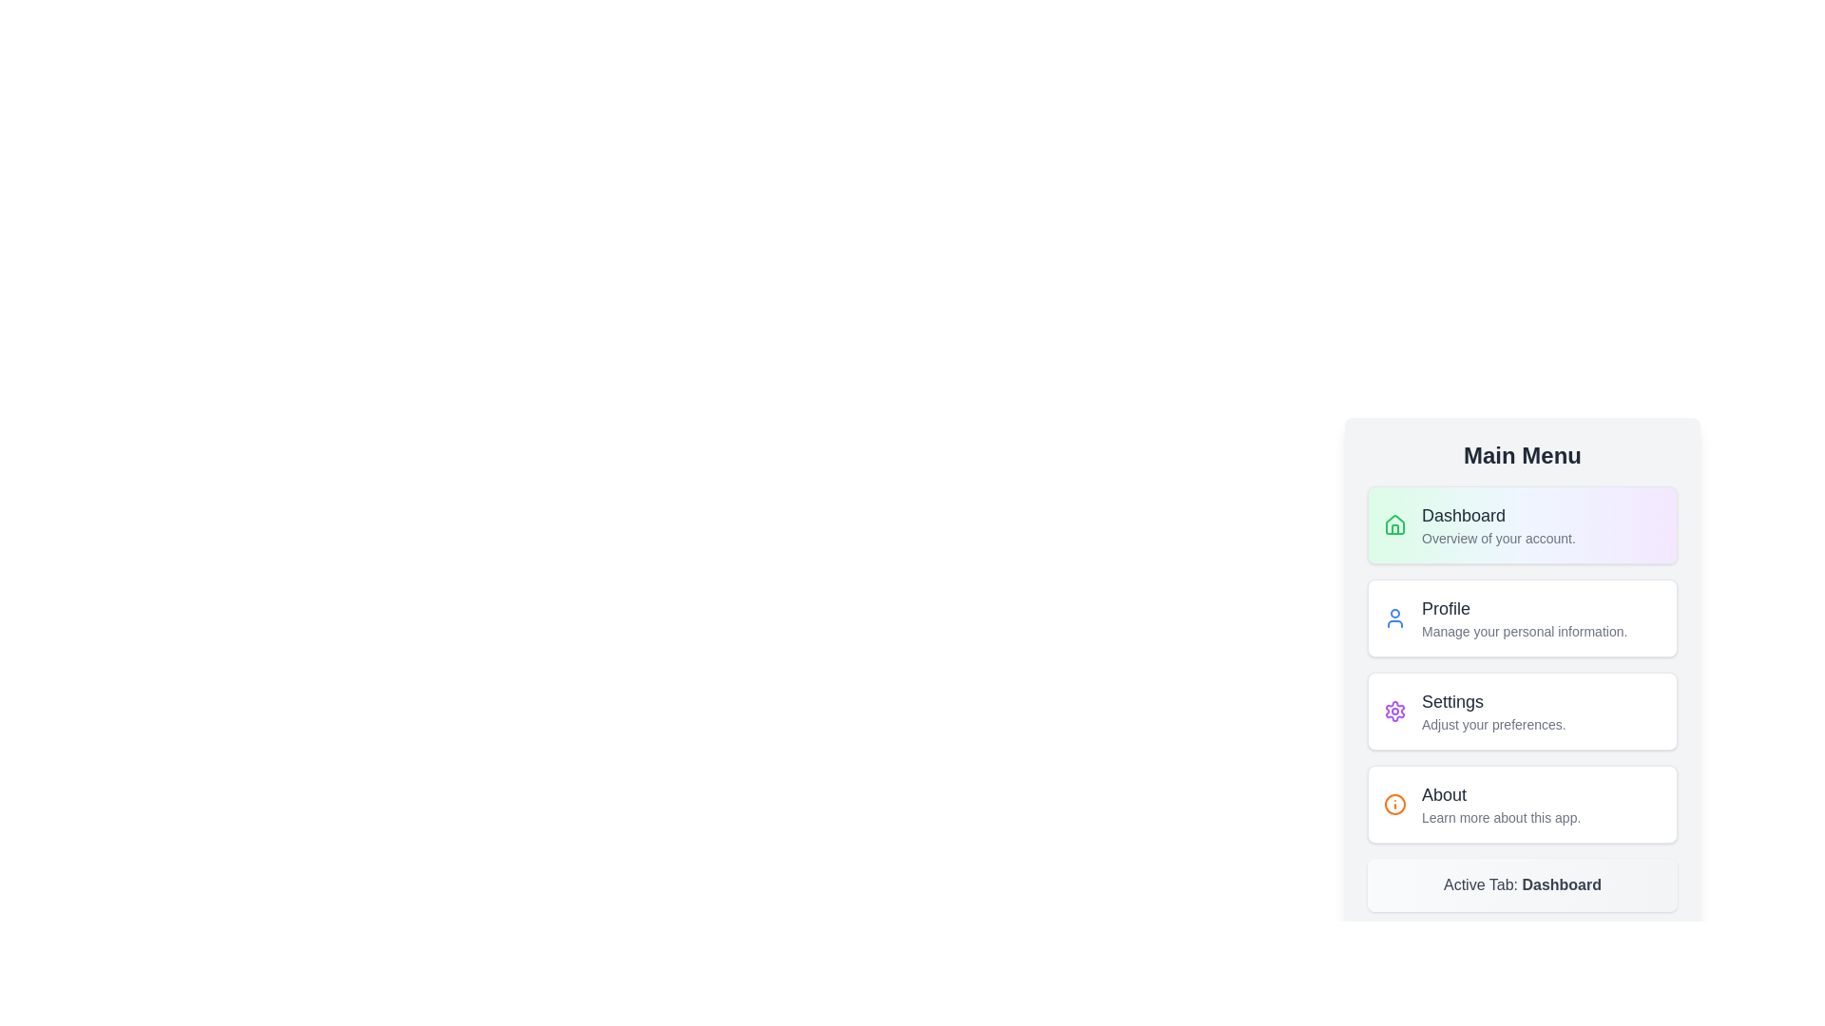  What do you see at coordinates (1523, 524) in the screenshot?
I see `the menu item labeled Dashboard to activate its tab` at bounding box center [1523, 524].